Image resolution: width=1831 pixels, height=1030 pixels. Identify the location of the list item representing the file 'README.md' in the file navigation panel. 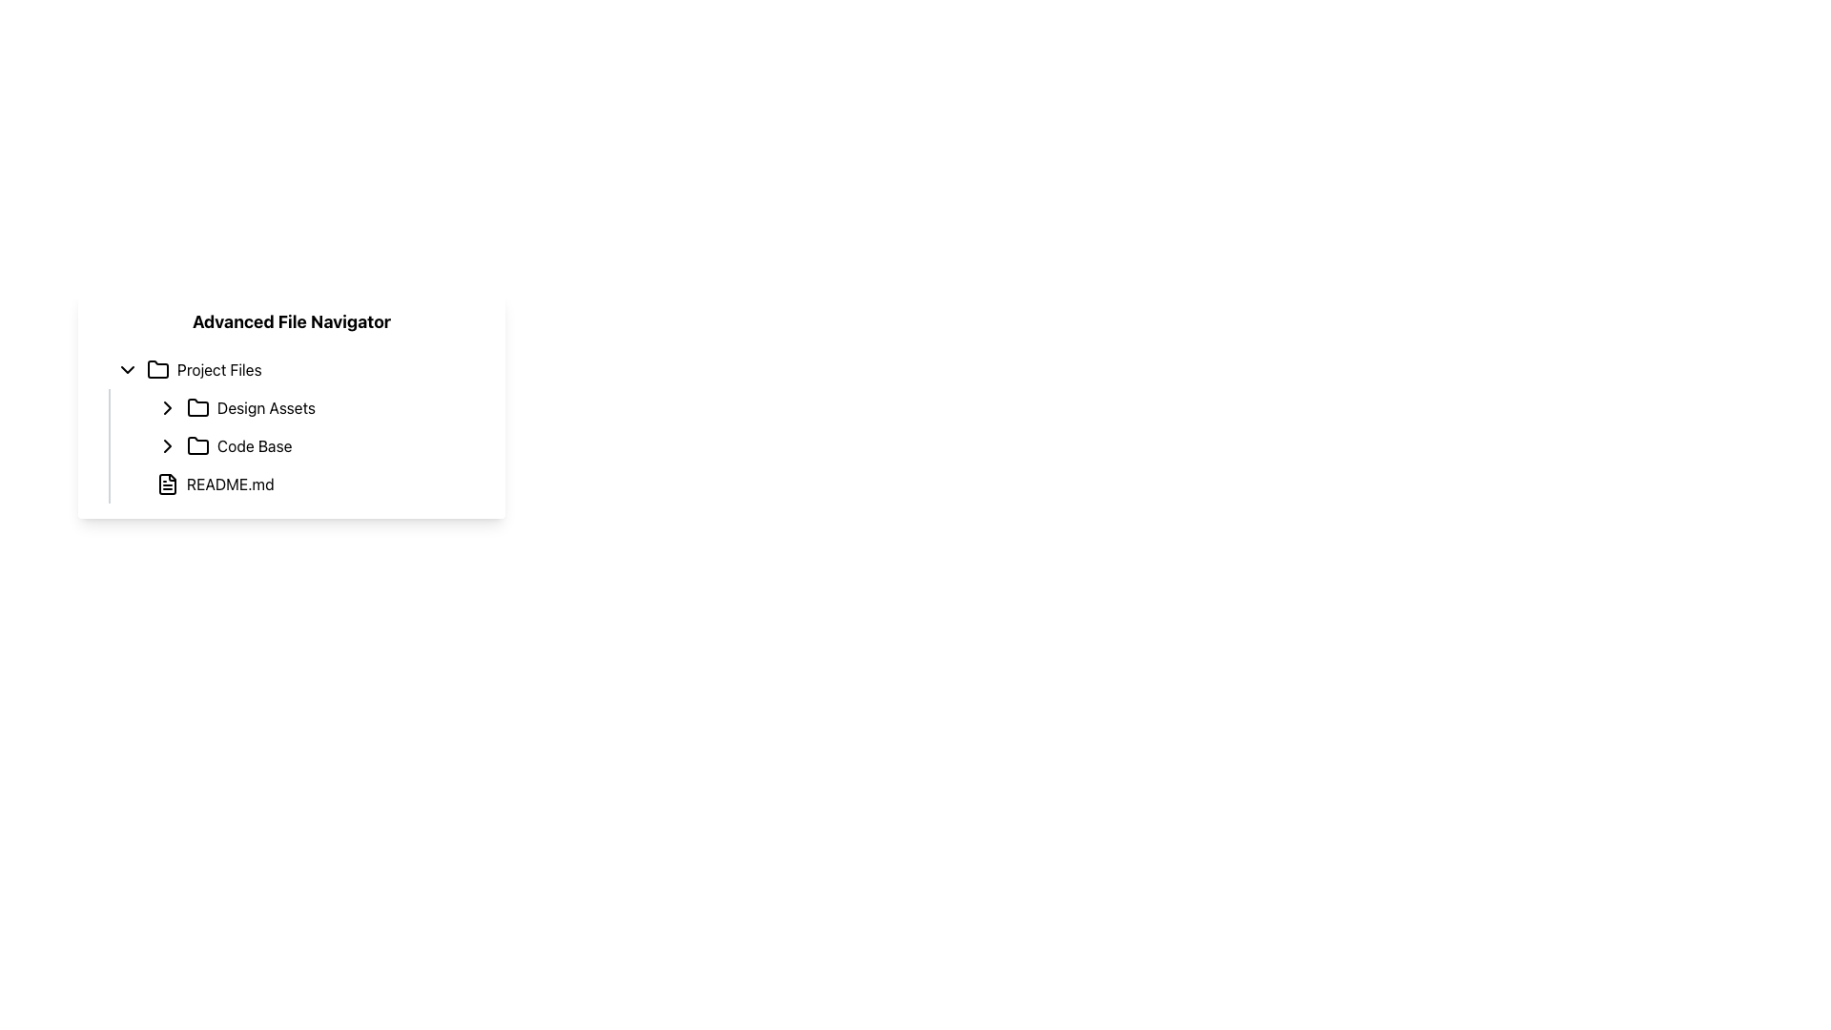
(319, 484).